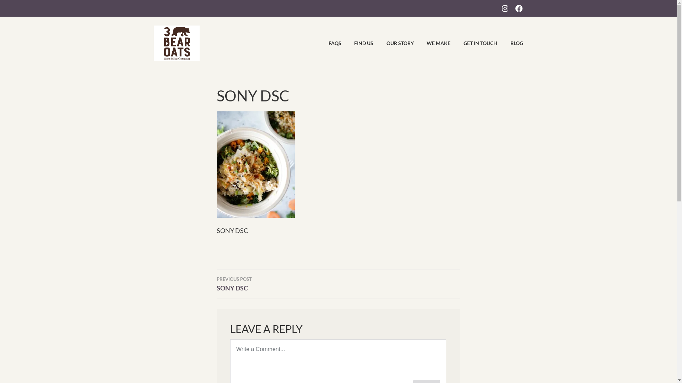  Describe the element at coordinates (329, 43) in the screenshot. I see `'FAQS'` at that location.